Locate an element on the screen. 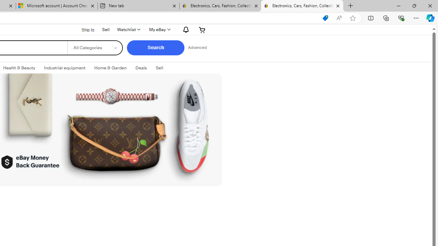  'Home & GardenExpand: Home & Garden' is located at coordinates (111, 68).